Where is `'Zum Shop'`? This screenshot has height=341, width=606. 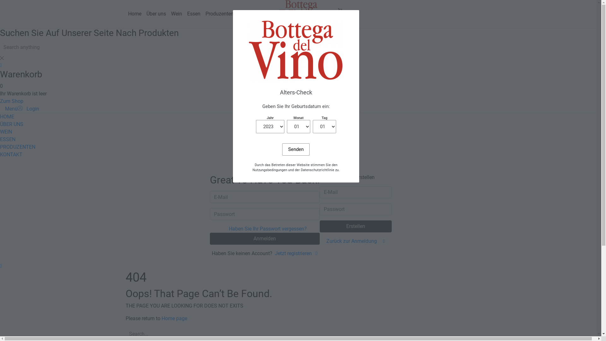 'Zum Shop' is located at coordinates (12, 101).